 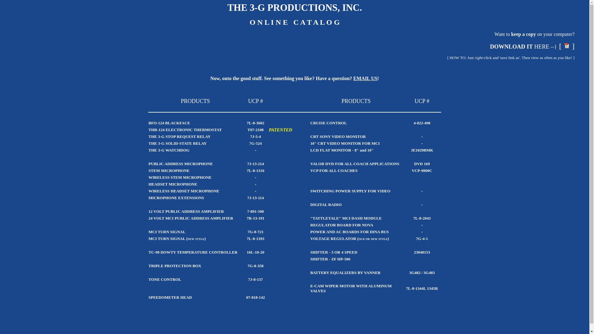 What do you see at coordinates (148, 184) in the screenshot?
I see `'HEADSET MICROPHONE'` at bounding box center [148, 184].